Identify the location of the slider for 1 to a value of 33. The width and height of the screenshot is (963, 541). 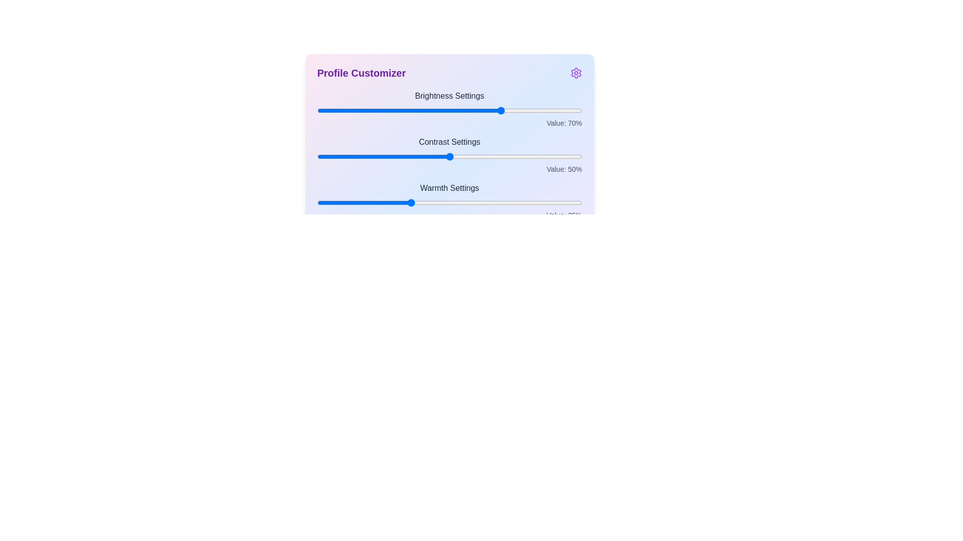
(404, 156).